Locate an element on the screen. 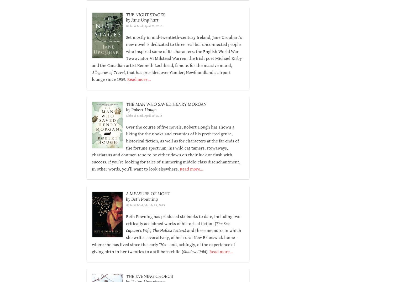 Image resolution: width=420 pixels, height=282 pixels. ') and three memoirs in which she writes, evocatively, of her rural New Brunswick home—where she has lived since the early ‘70s—and, achingly, of the experience of giving birth in her twenties to a stillborn child (' is located at coordinates (166, 241).